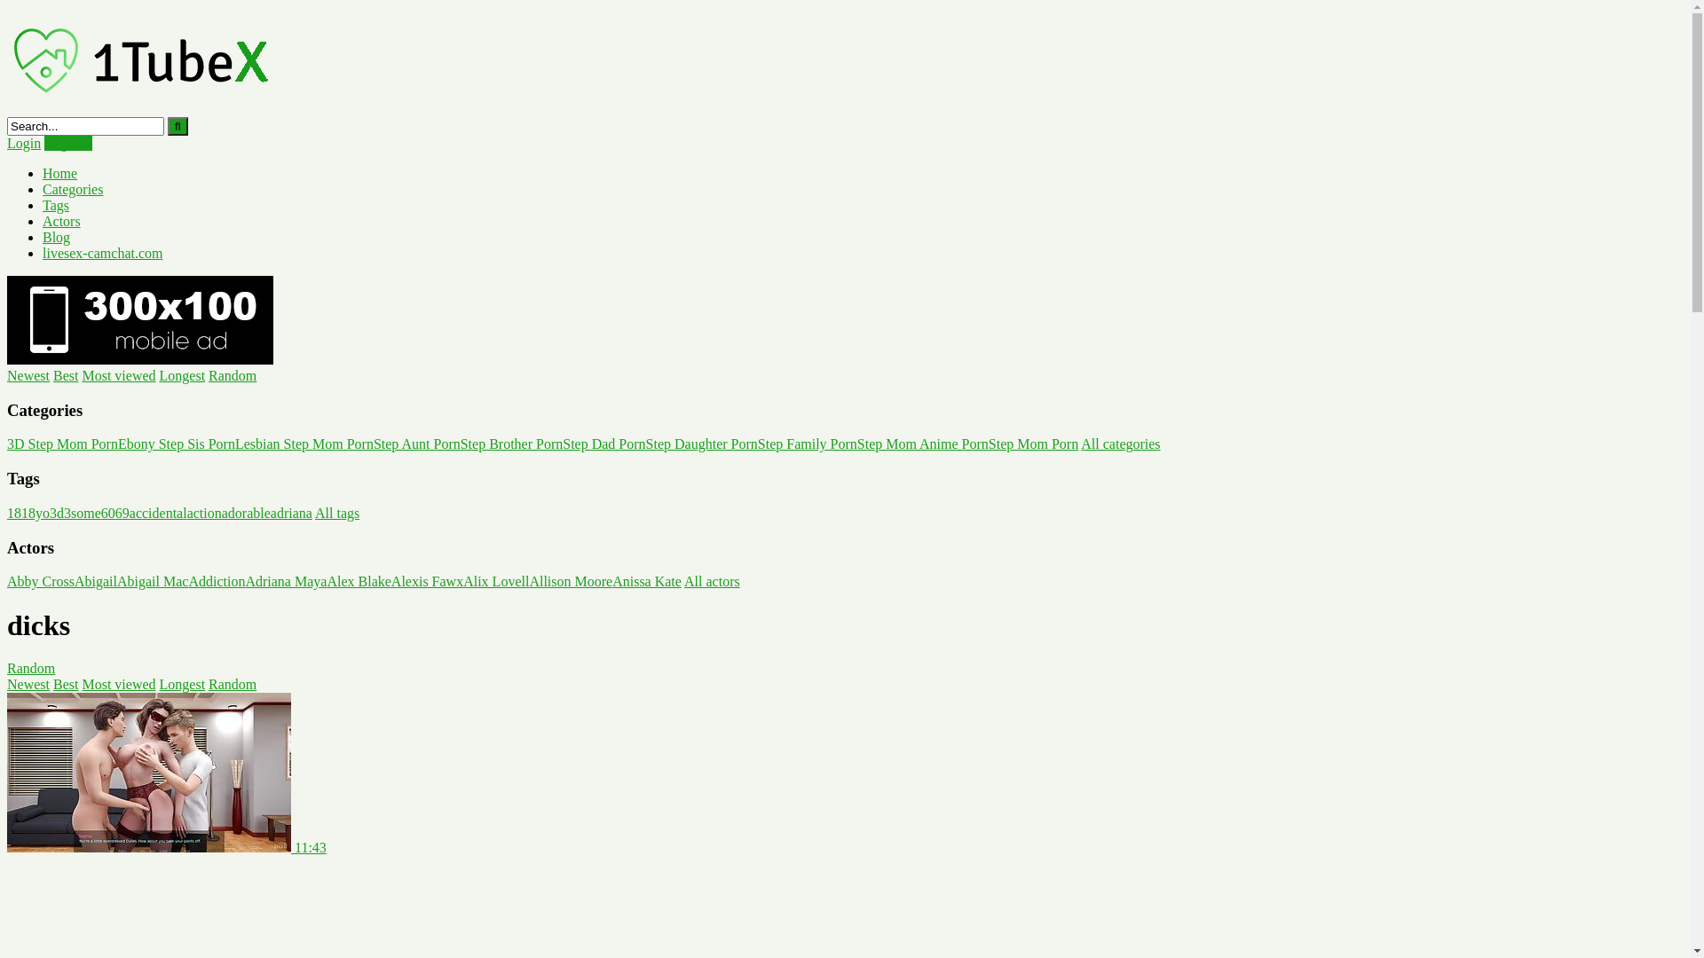 This screenshot has width=1704, height=958. Describe the element at coordinates (81, 513) in the screenshot. I see `'3some'` at that location.